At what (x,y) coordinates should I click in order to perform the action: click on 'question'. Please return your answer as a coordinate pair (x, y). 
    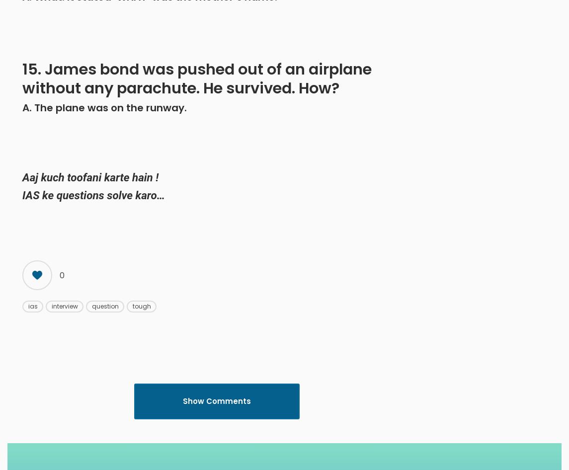
    Looking at the image, I should click on (91, 306).